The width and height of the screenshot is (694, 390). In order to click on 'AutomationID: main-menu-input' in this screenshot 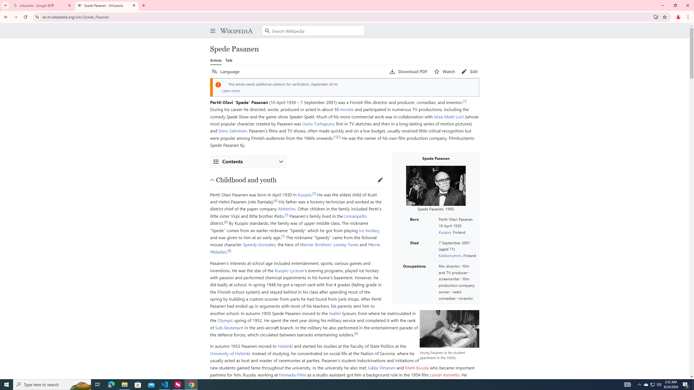, I will do `click(211, 26)`.